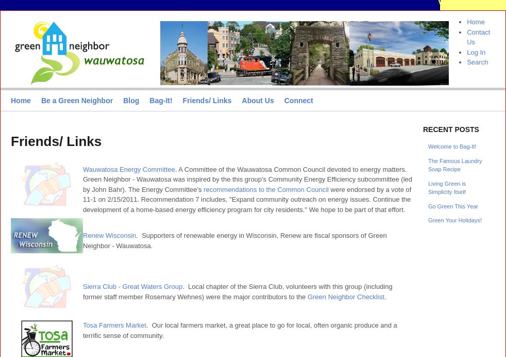 The width and height of the screenshot is (506, 357). What do you see at coordinates (477, 62) in the screenshot?
I see `'Search'` at bounding box center [477, 62].